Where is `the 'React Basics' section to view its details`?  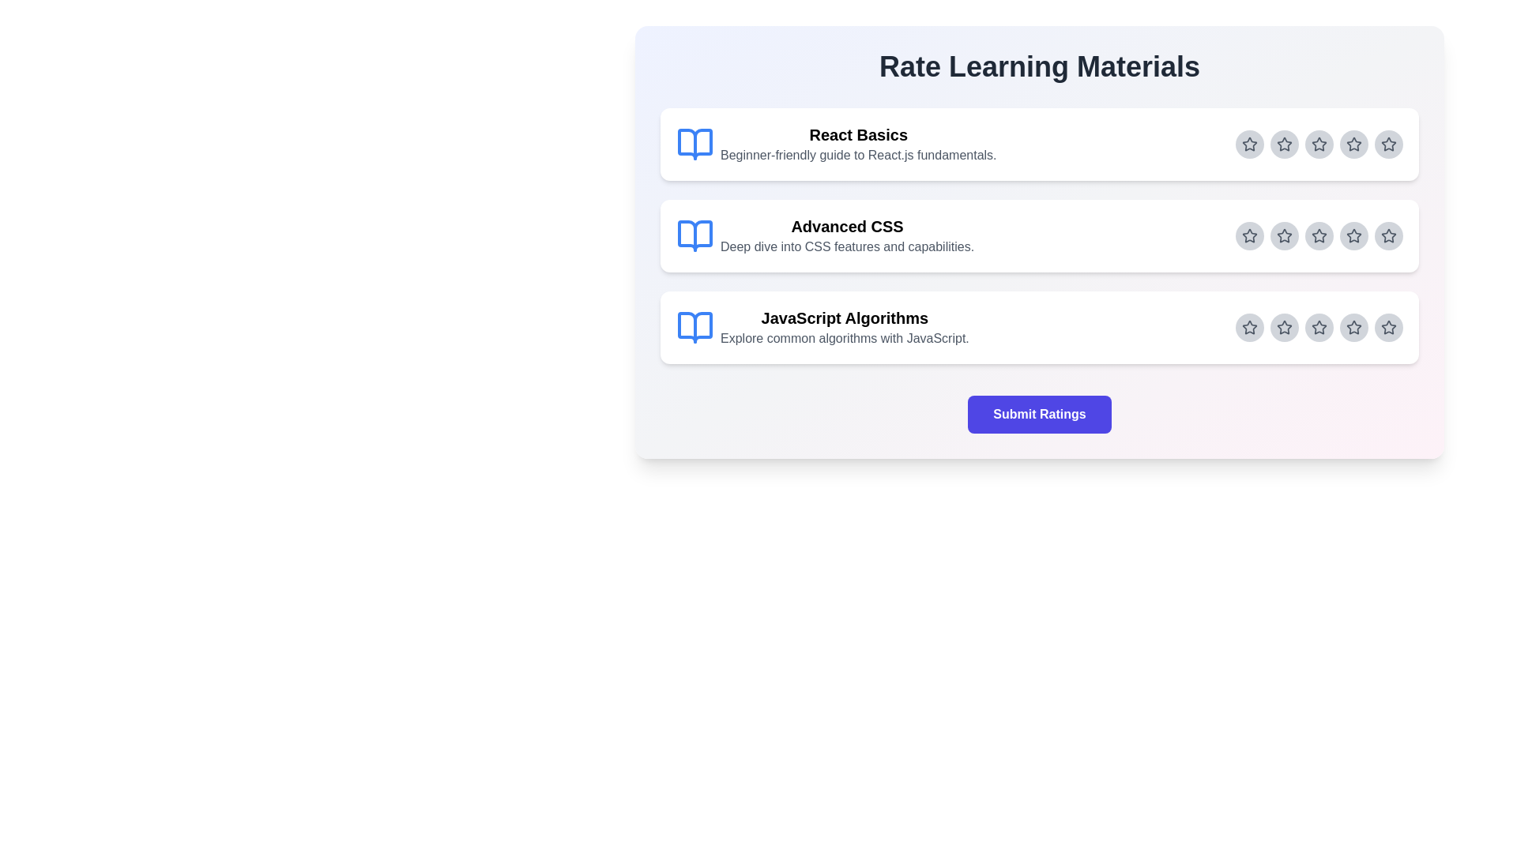
the 'React Basics' section to view its details is located at coordinates (1039, 144).